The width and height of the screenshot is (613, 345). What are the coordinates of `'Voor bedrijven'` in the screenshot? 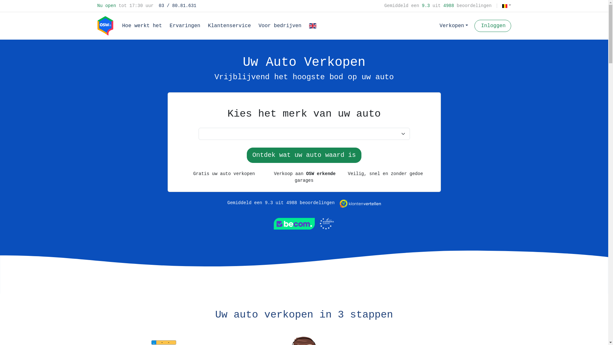 It's located at (254, 26).